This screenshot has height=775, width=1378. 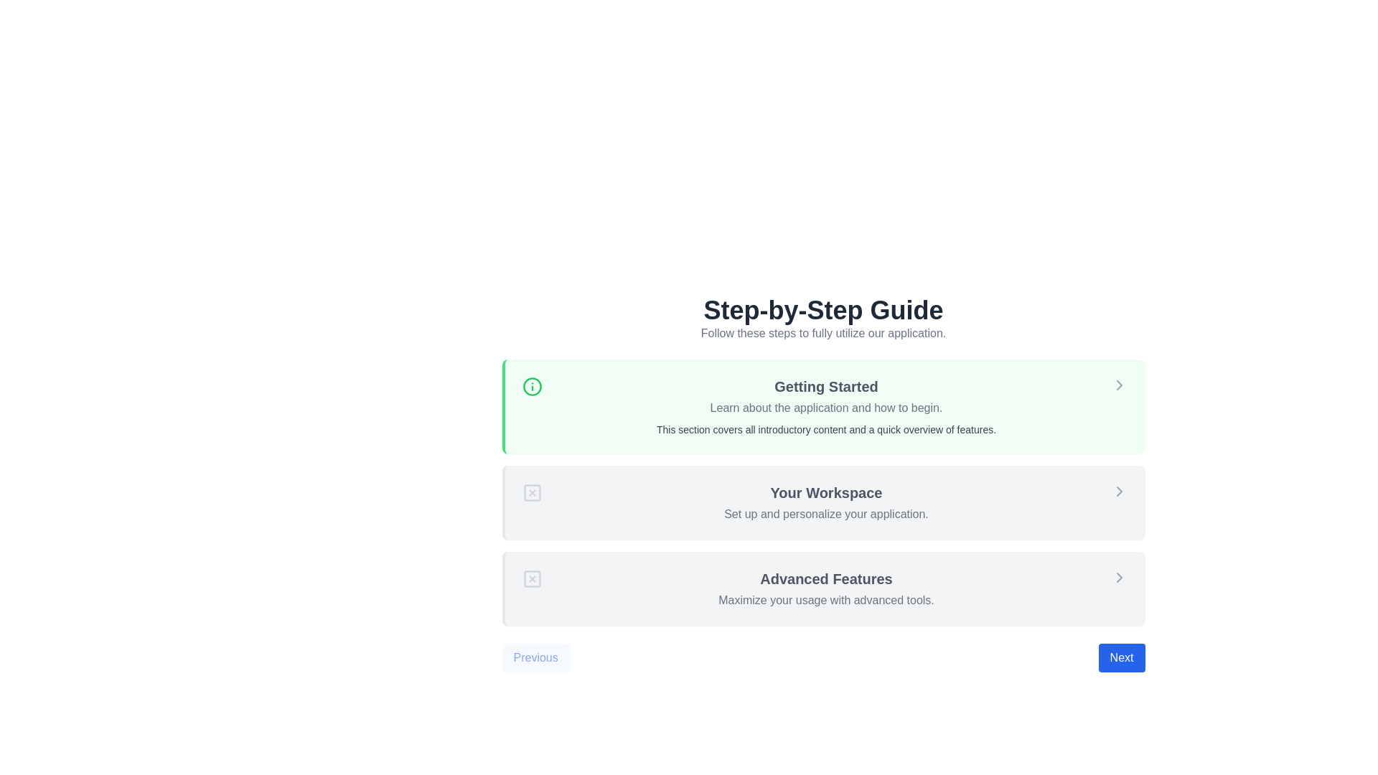 I want to click on text from the Header with subtitle that displays 'Step-by-Step Guide' and 'Follow these steps to fully utilize our application.', so click(x=823, y=318).